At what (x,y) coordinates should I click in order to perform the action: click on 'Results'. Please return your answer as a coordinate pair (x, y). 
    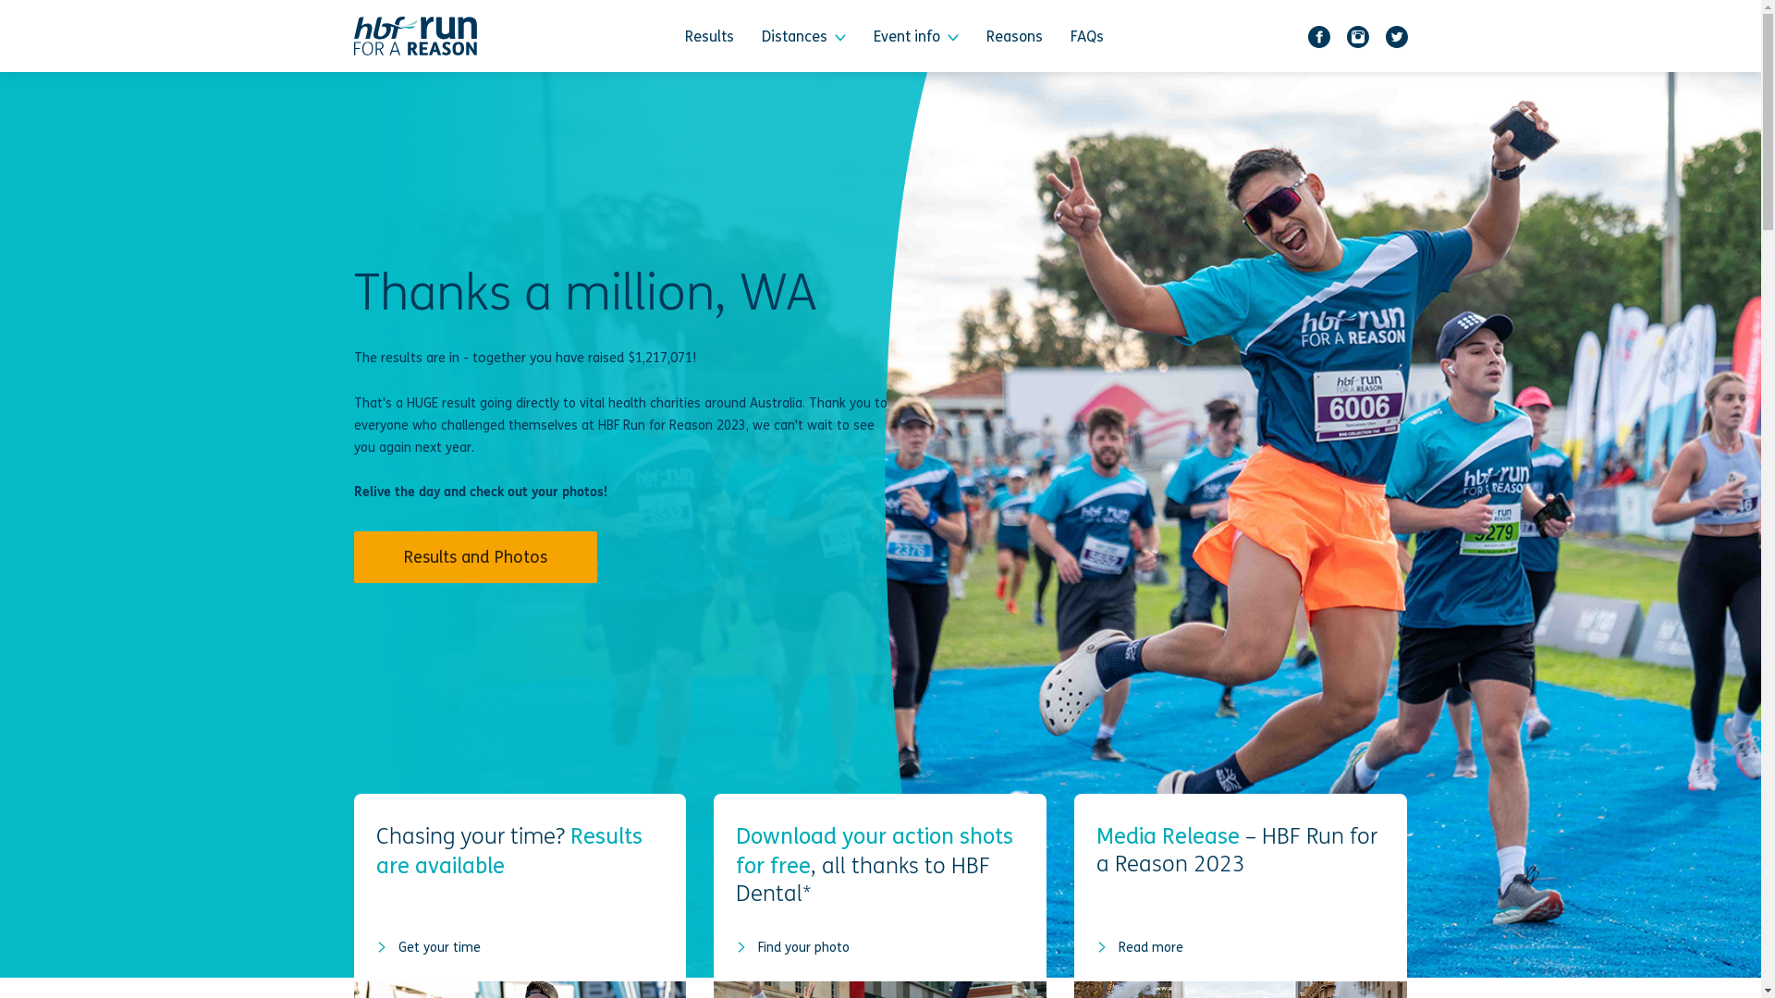
    Looking at the image, I should click on (708, 35).